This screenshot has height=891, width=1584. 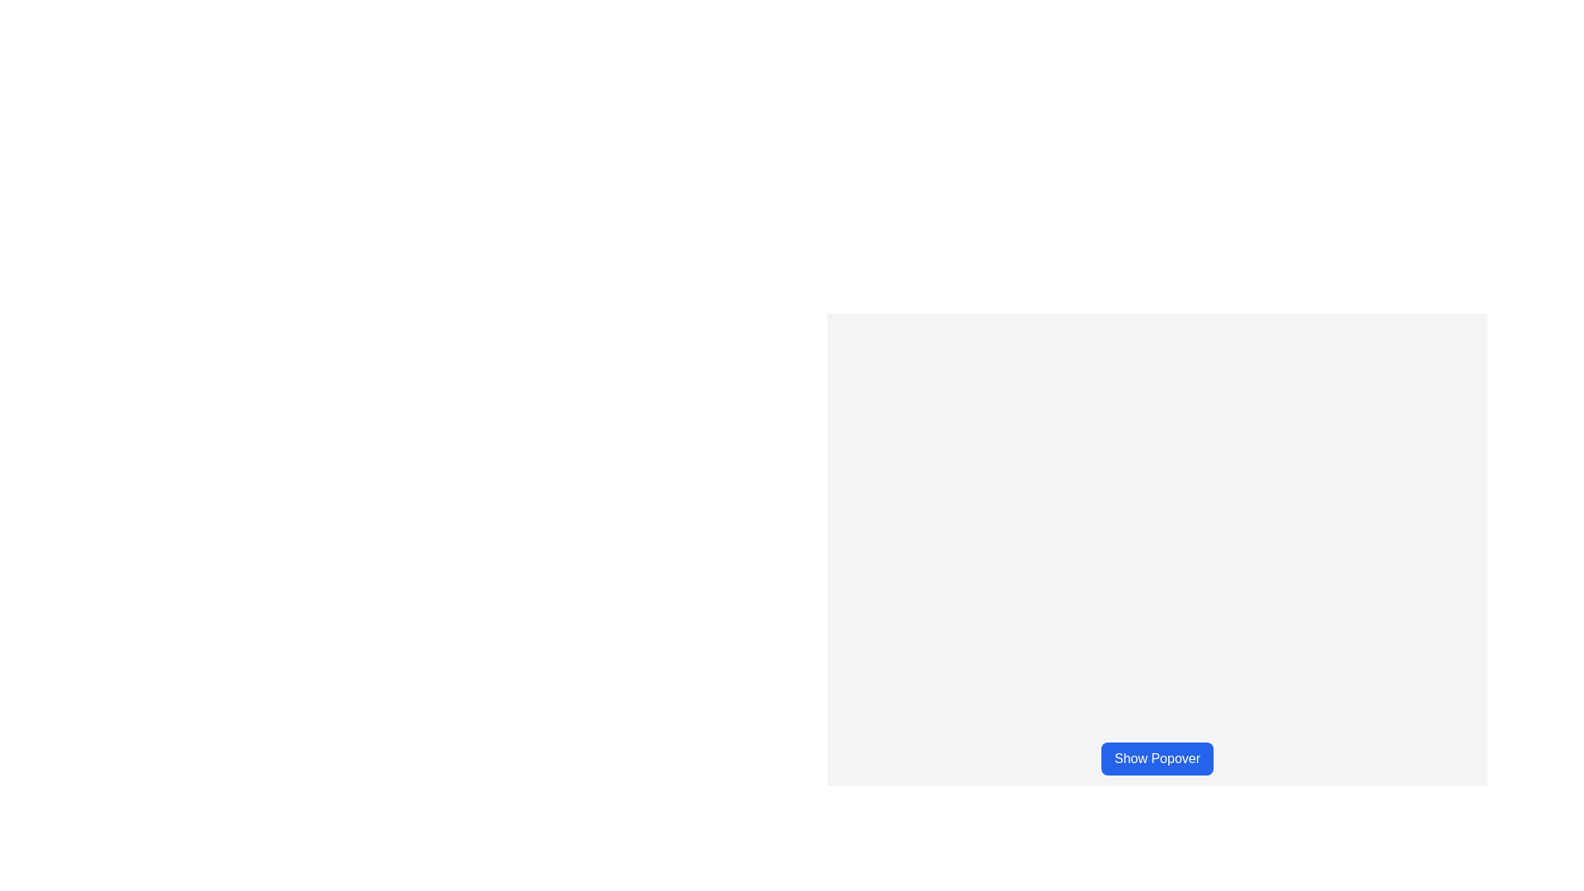 I want to click on the button located at the bottom center of its section, so click(x=1156, y=759).